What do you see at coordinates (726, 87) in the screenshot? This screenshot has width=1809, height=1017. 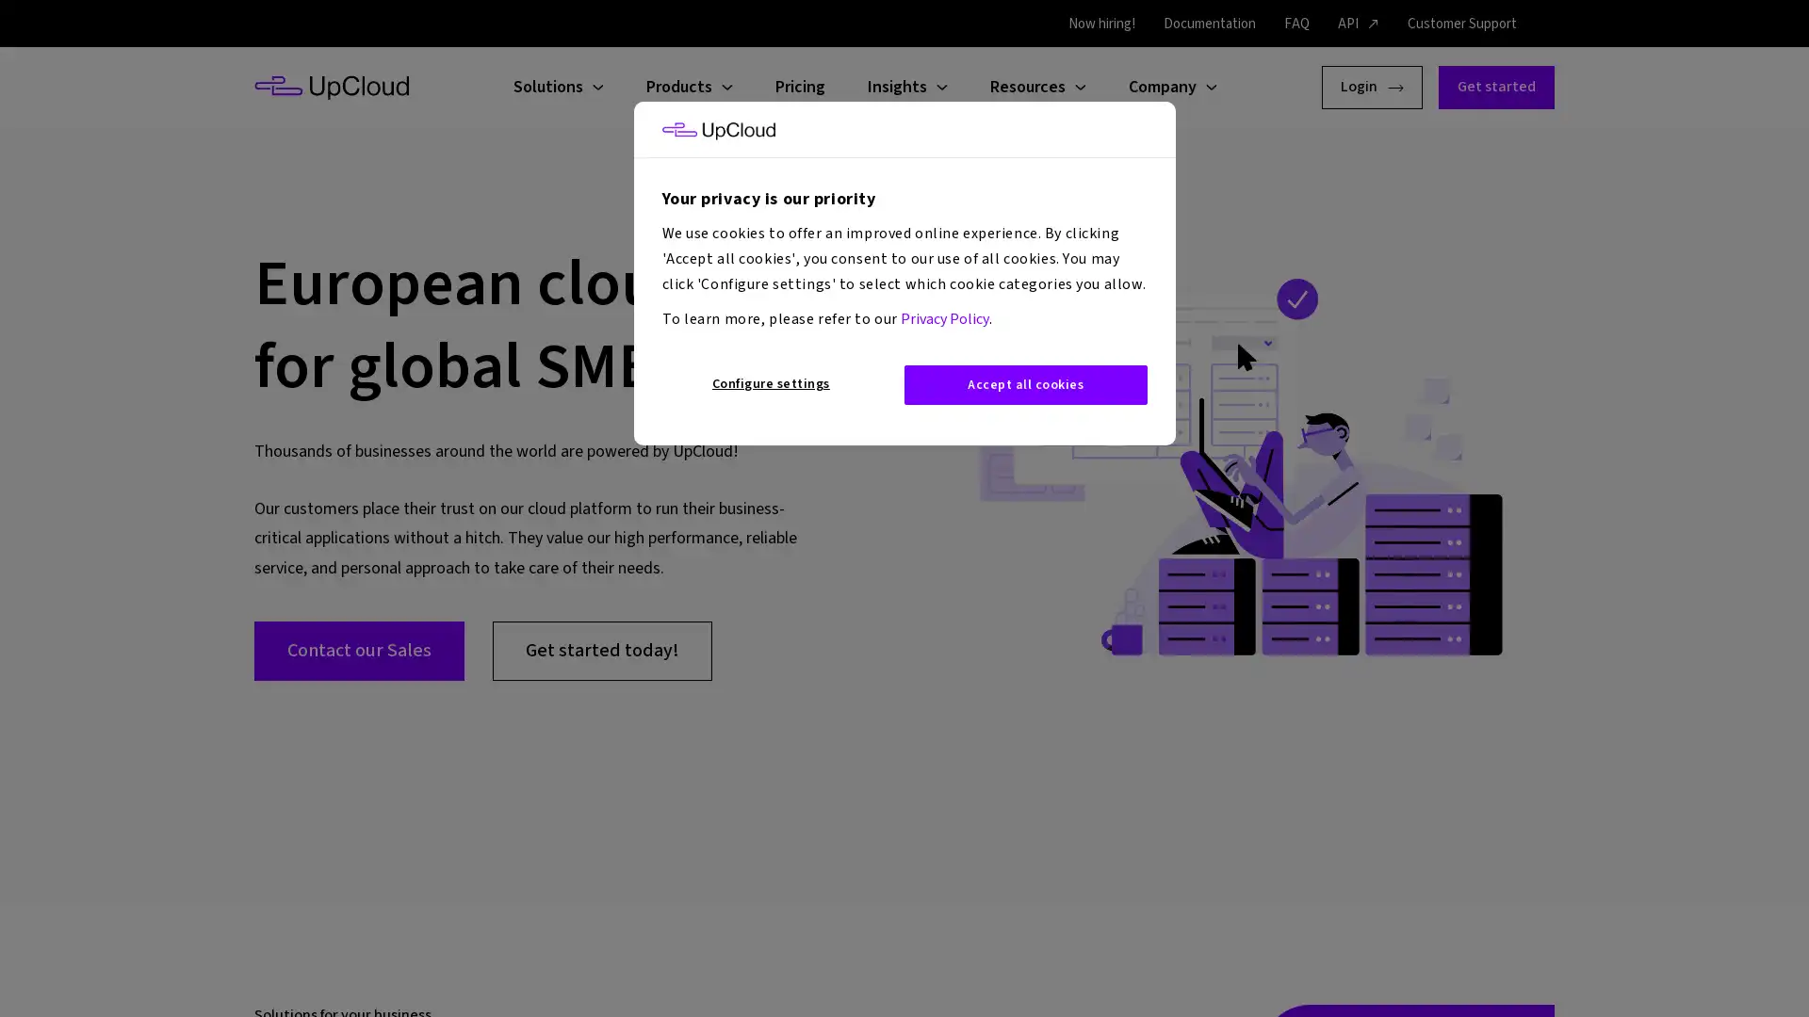 I see `Open child menu for Products` at bounding box center [726, 87].